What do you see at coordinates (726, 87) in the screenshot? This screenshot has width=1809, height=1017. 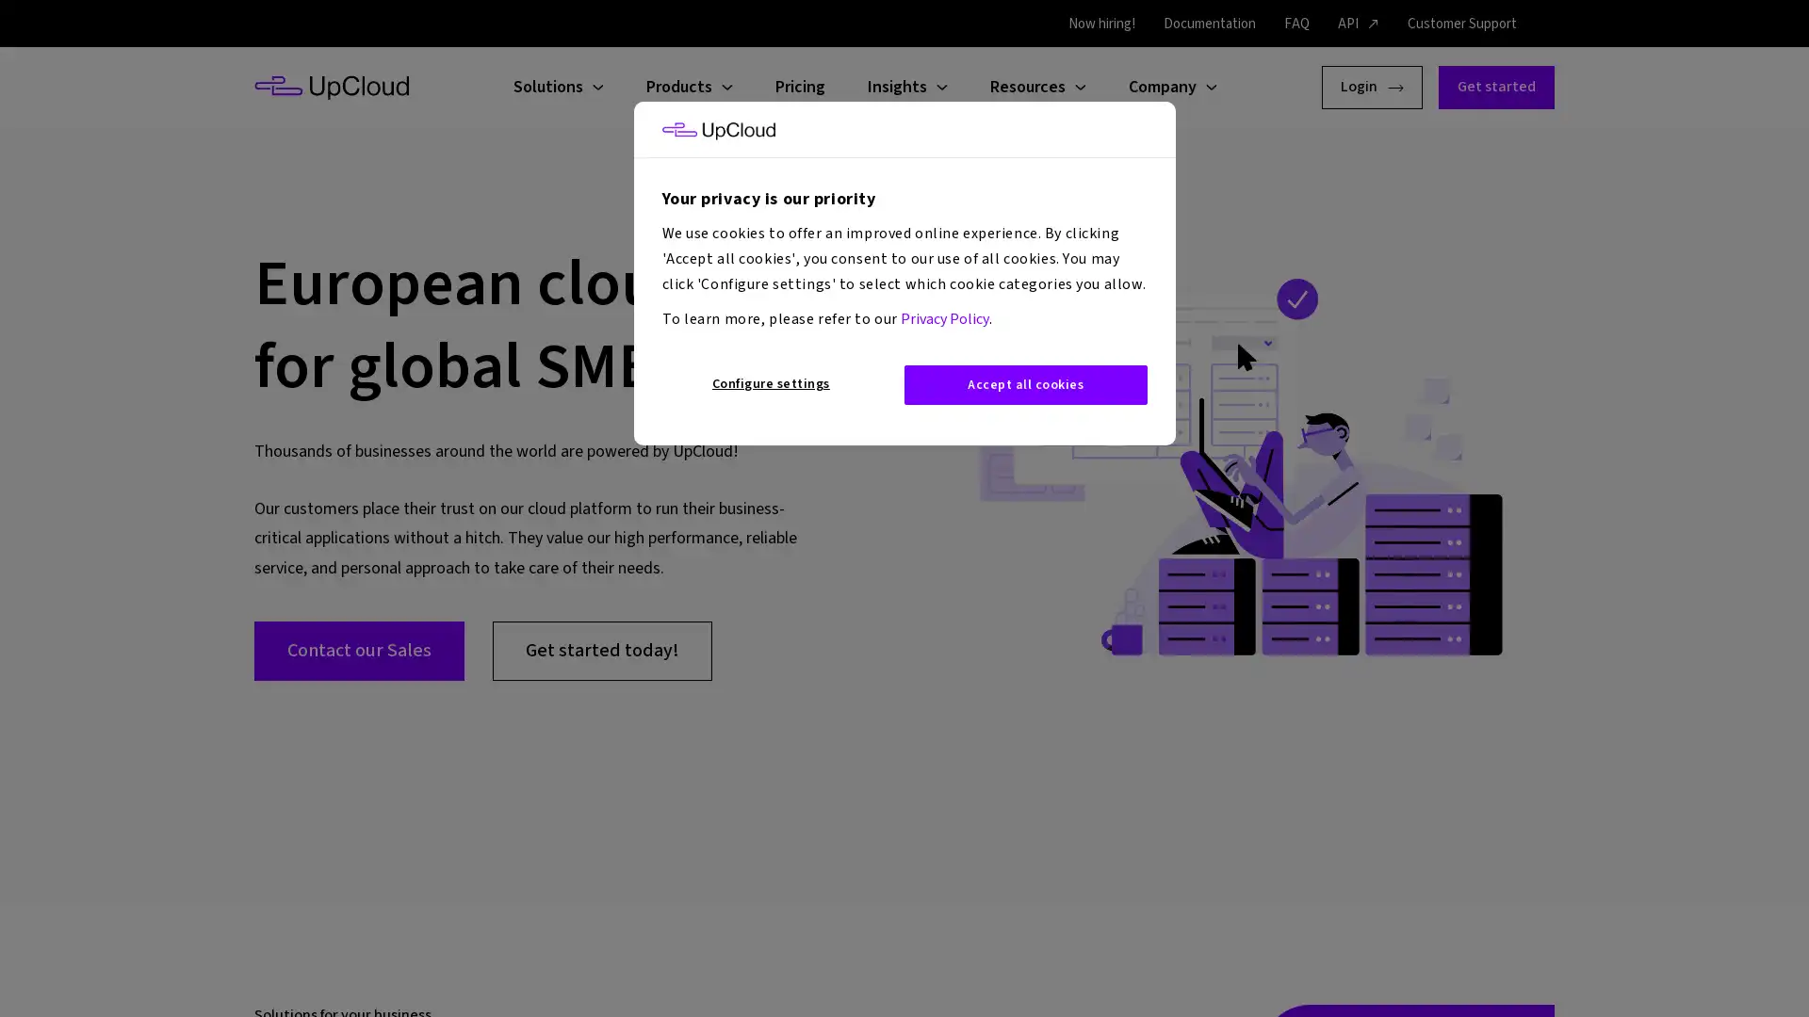 I see `Open child menu for Products` at bounding box center [726, 87].